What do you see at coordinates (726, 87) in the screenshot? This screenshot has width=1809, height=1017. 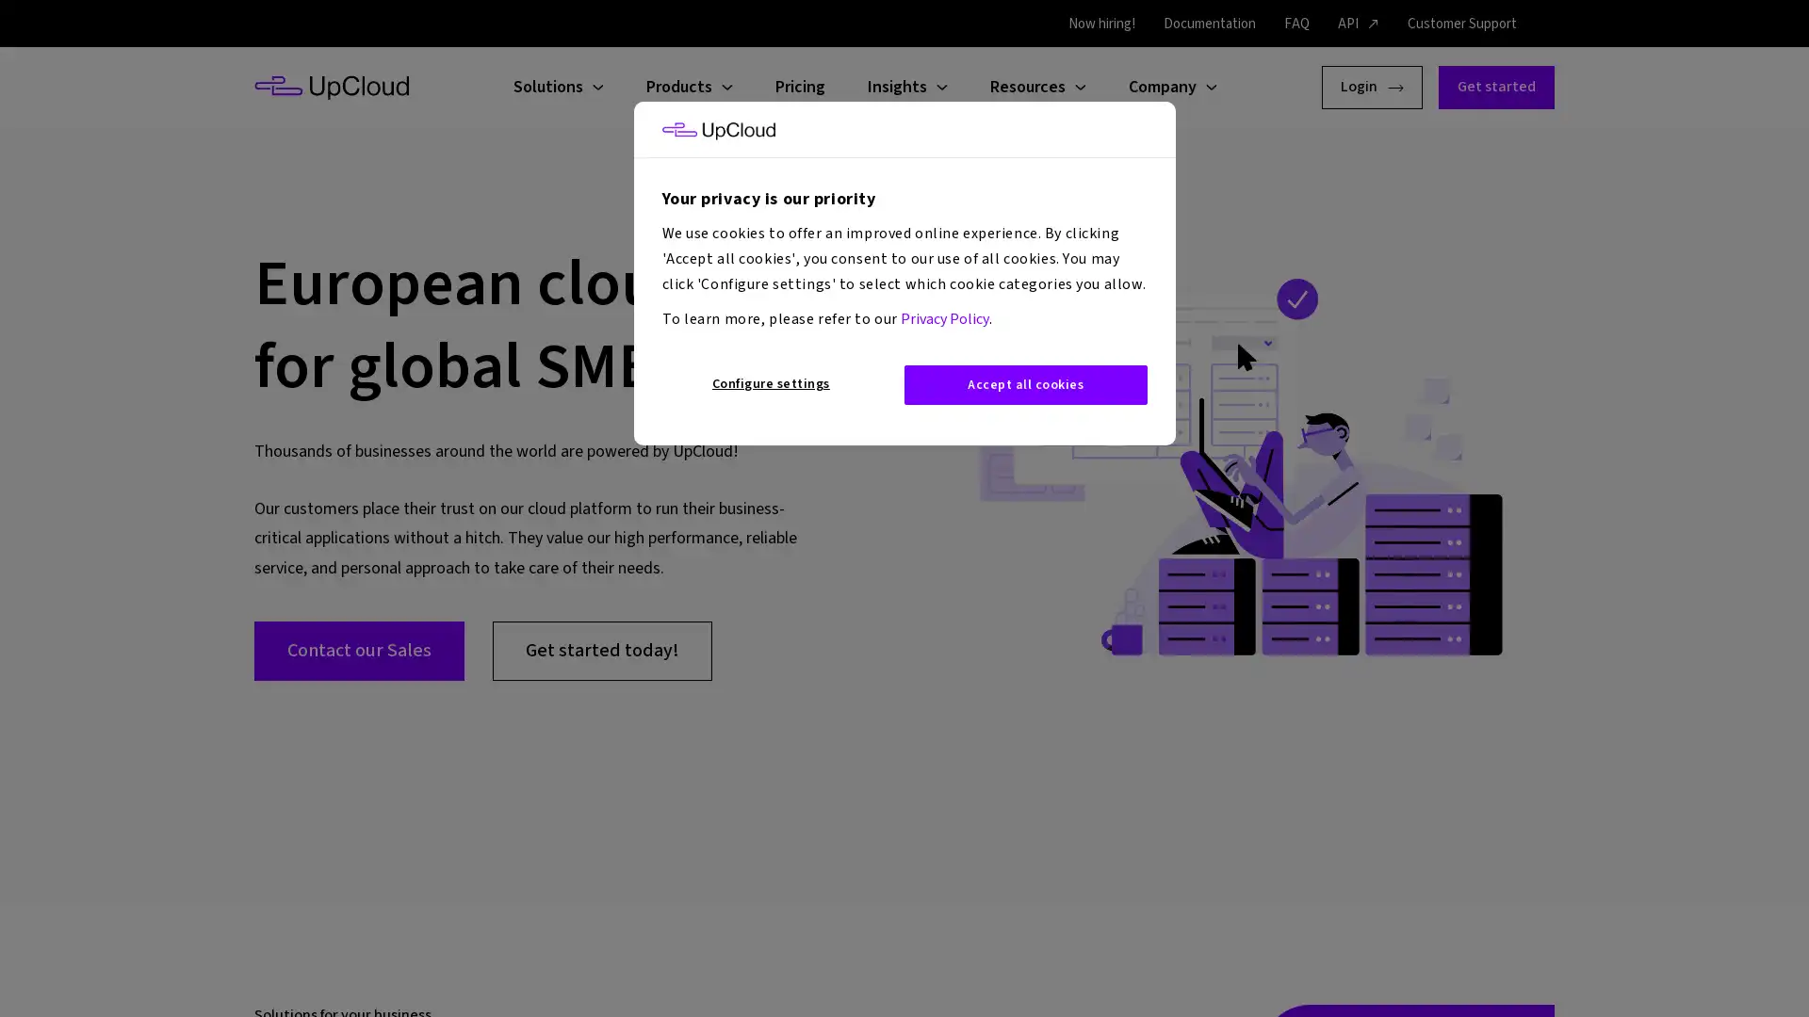 I see `Open child menu for Products` at bounding box center [726, 87].